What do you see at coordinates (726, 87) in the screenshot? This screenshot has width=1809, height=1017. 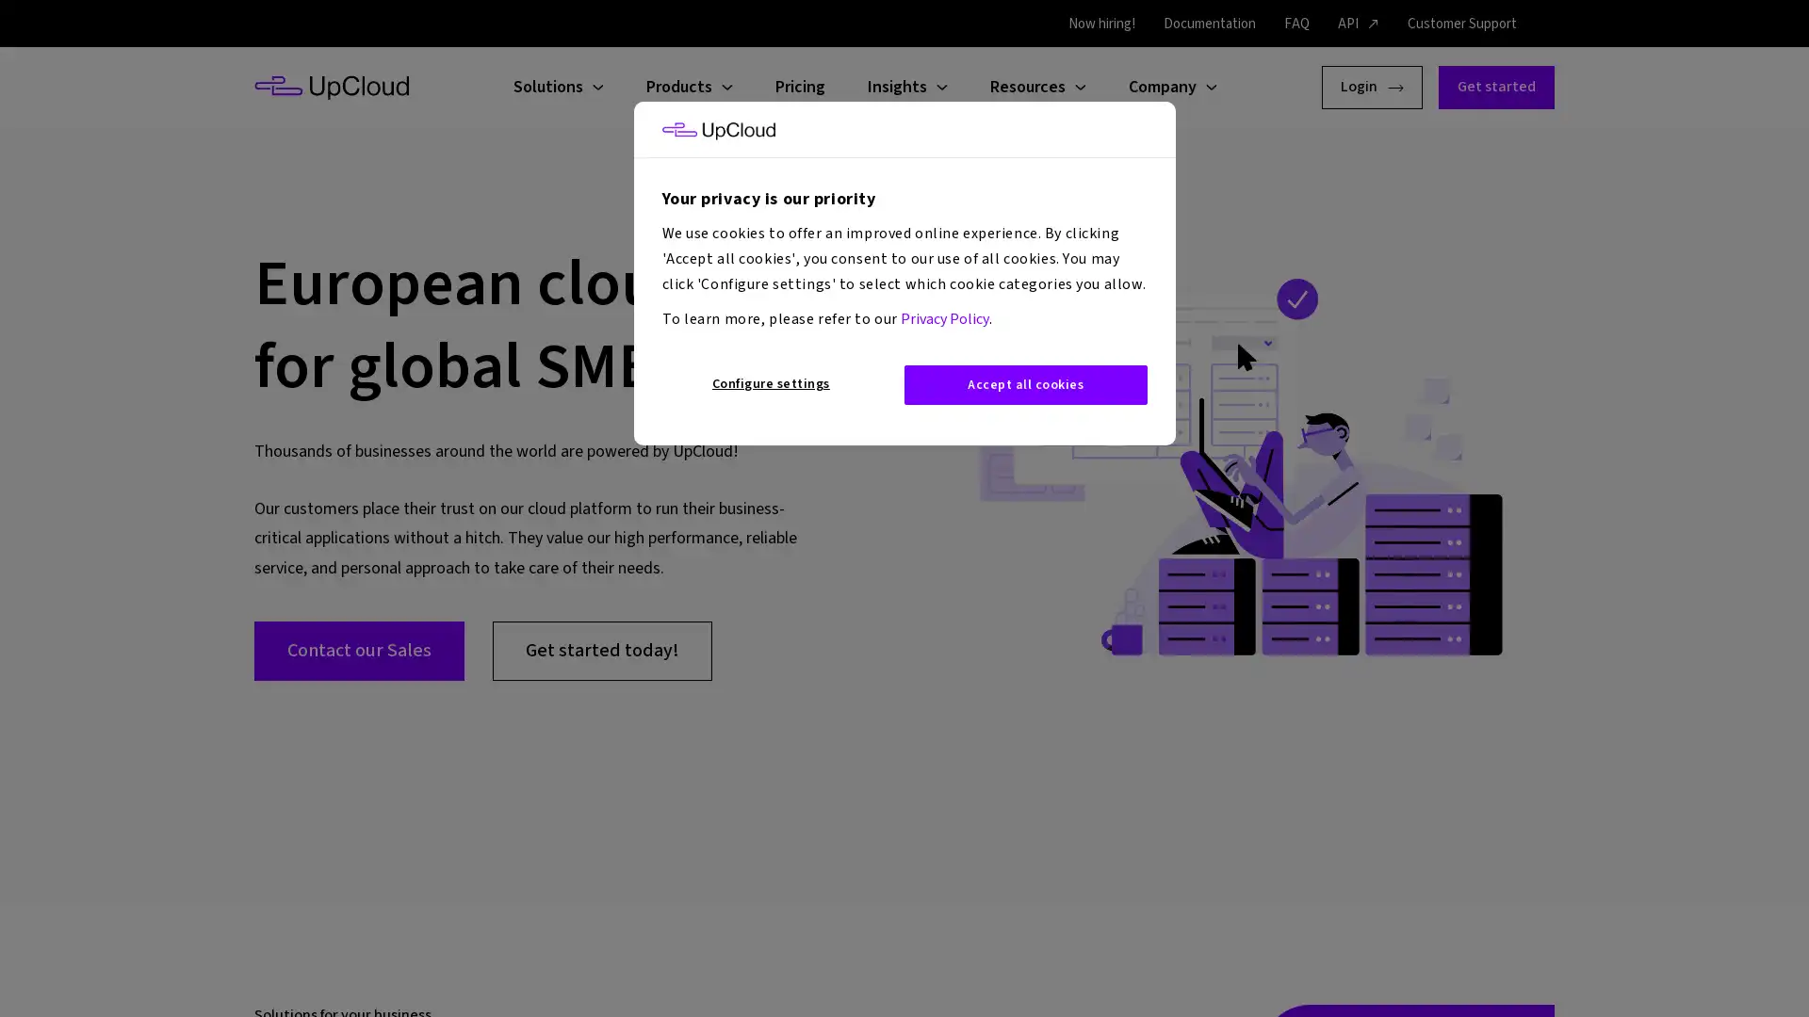 I see `Open child menu for Products` at bounding box center [726, 87].